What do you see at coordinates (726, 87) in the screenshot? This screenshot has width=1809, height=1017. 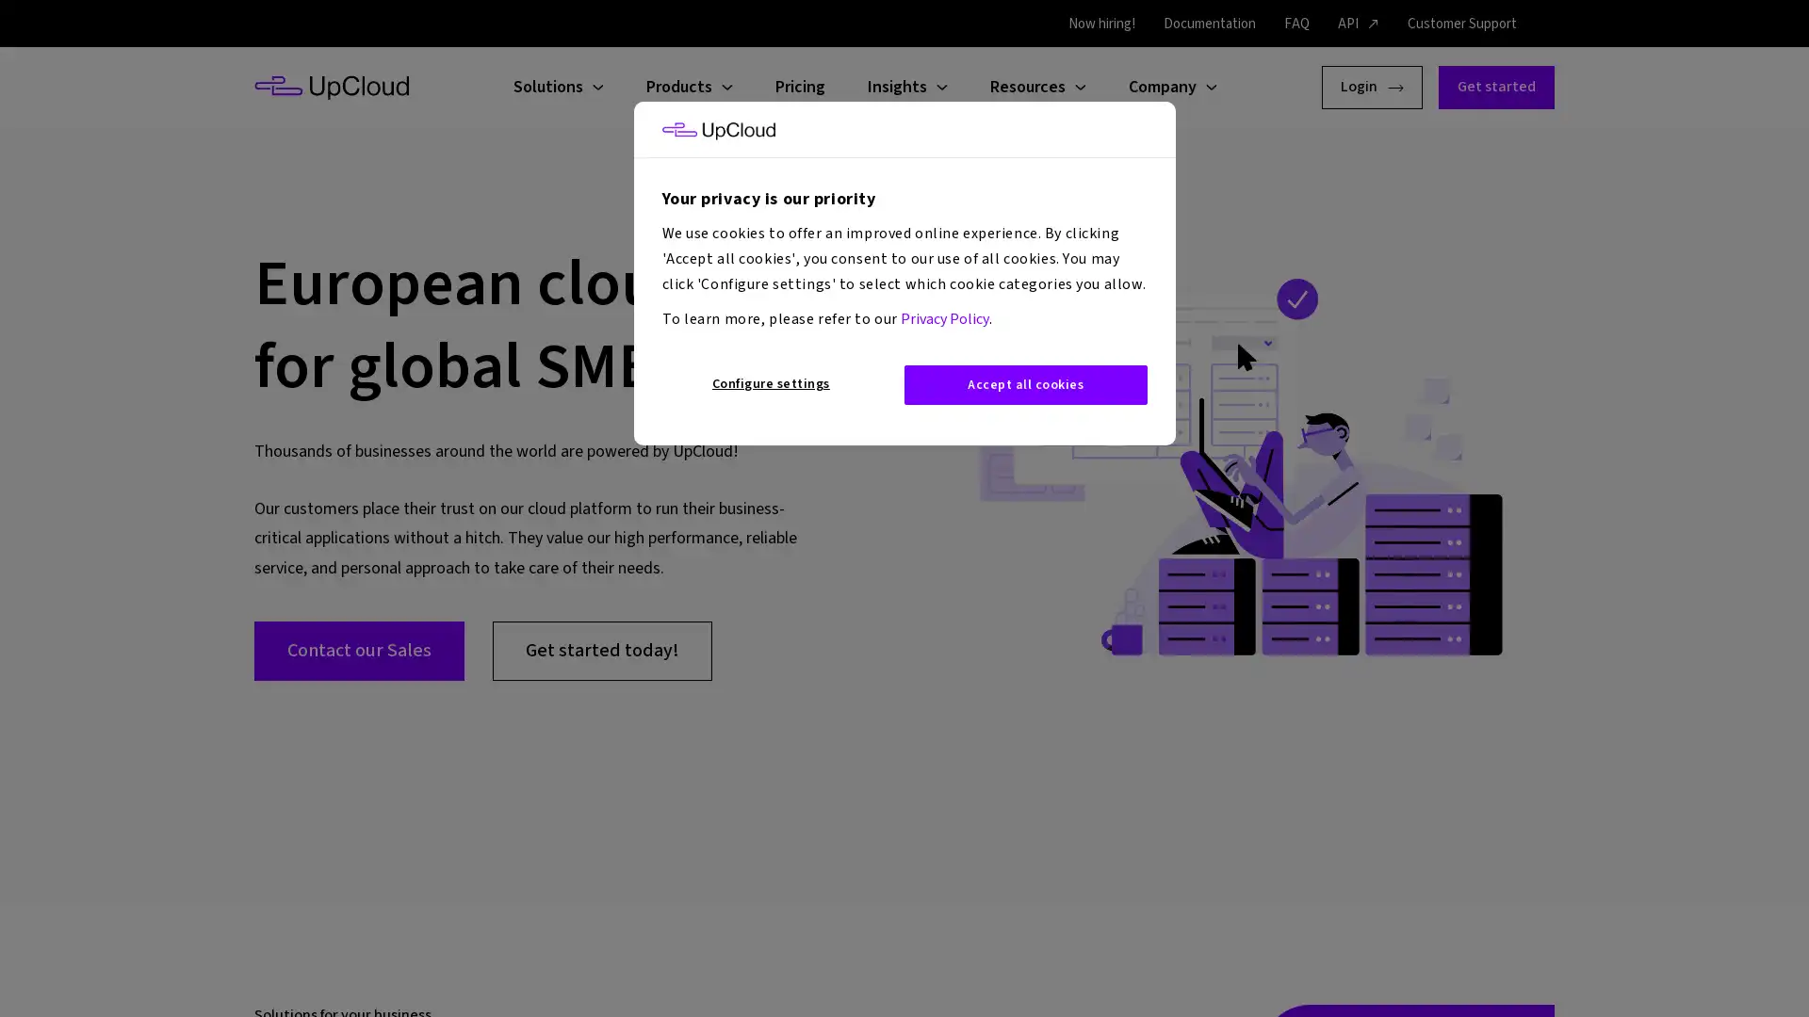 I see `Open child menu for Products` at bounding box center [726, 87].